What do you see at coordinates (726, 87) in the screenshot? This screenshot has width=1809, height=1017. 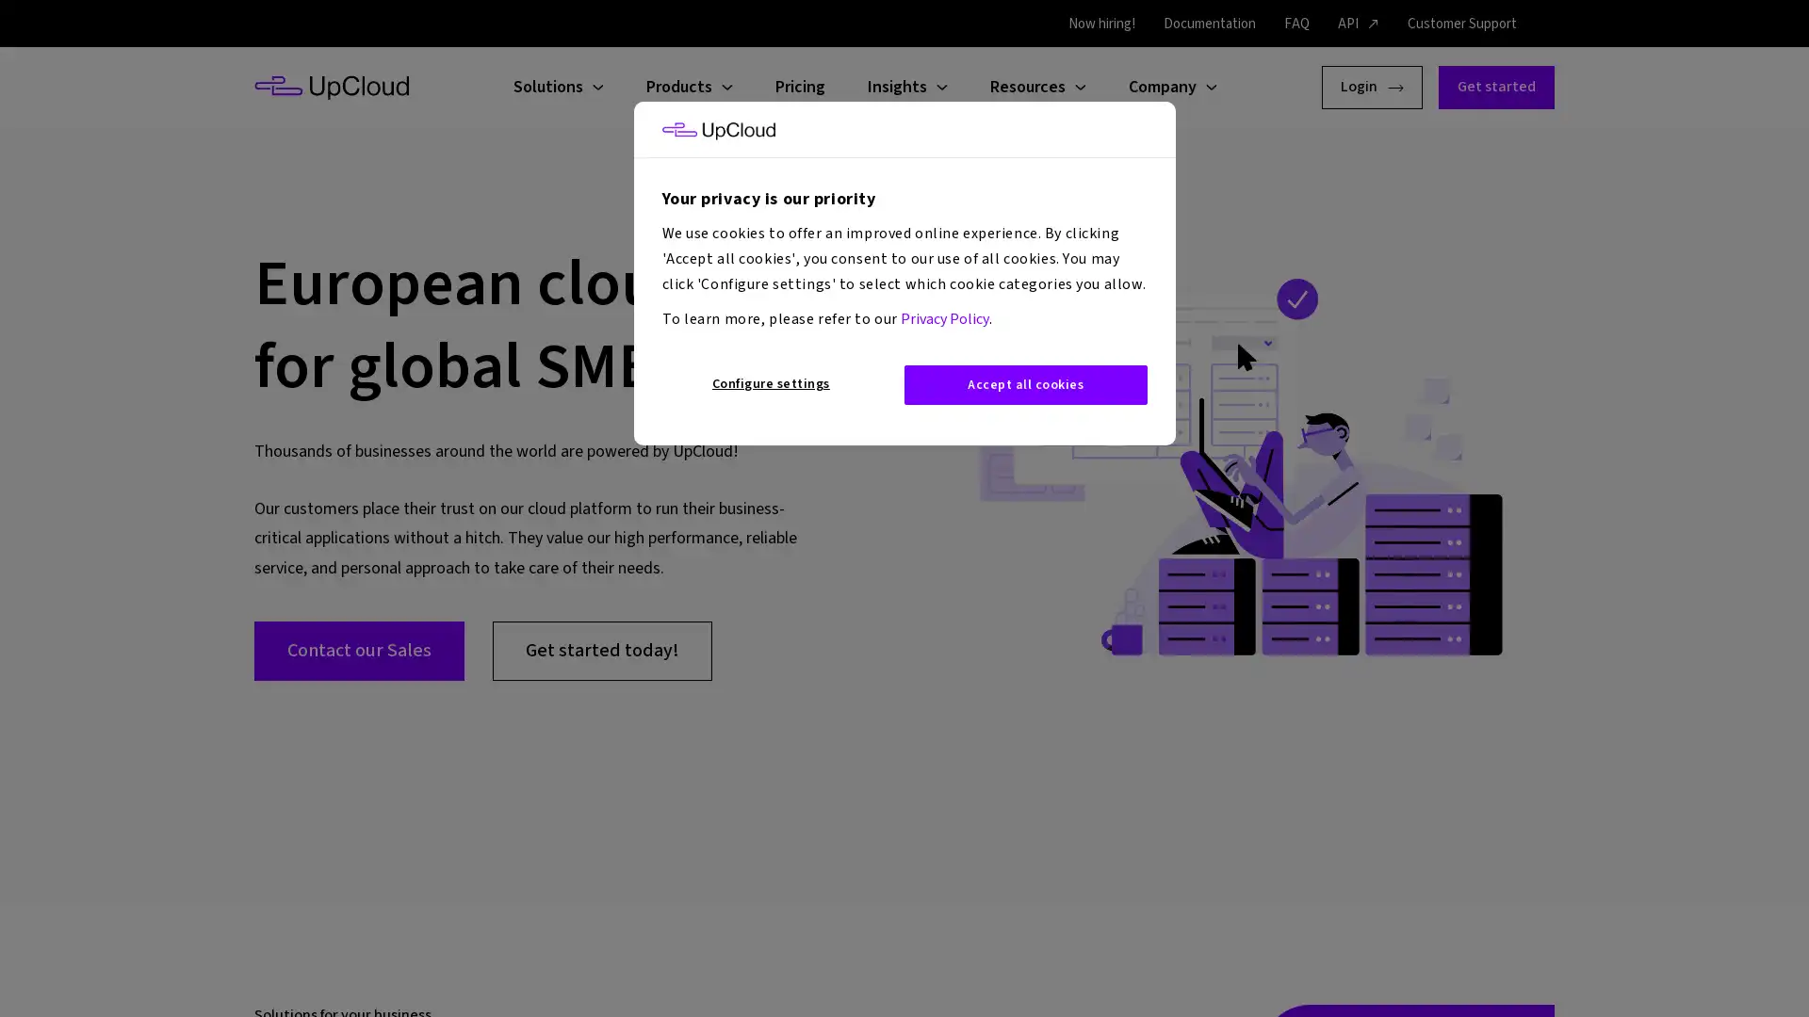 I see `Open child menu for Products` at bounding box center [726, 87].